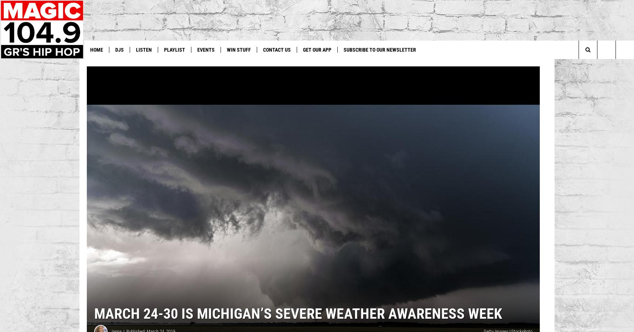 This screenshot has width=634, height=332. What do you see at coordinates (136, 50) in the screenshot?
I see `'Listen'` at bounding box center [136, 50].